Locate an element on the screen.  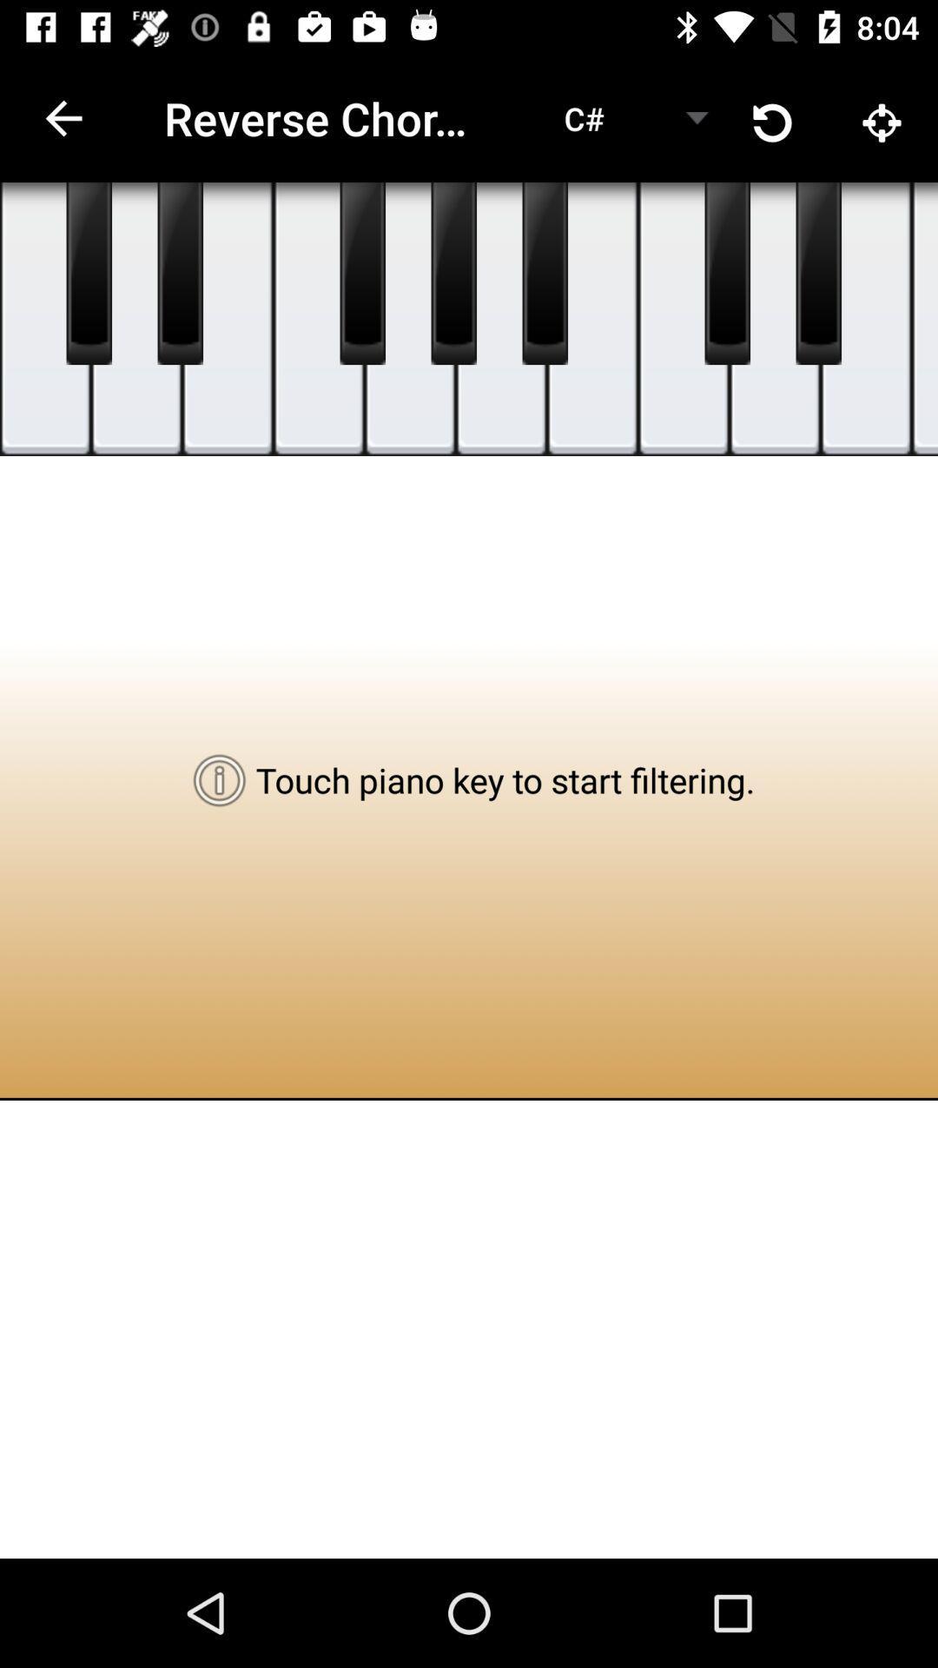
shows piano button is located at coordinates (544, 273).